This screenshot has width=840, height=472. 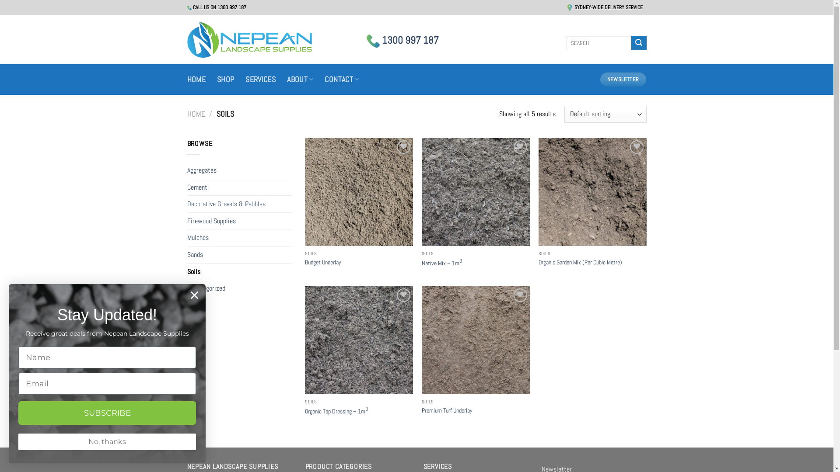 I want to click on '1300 997 187', so click(x=402, y=40).